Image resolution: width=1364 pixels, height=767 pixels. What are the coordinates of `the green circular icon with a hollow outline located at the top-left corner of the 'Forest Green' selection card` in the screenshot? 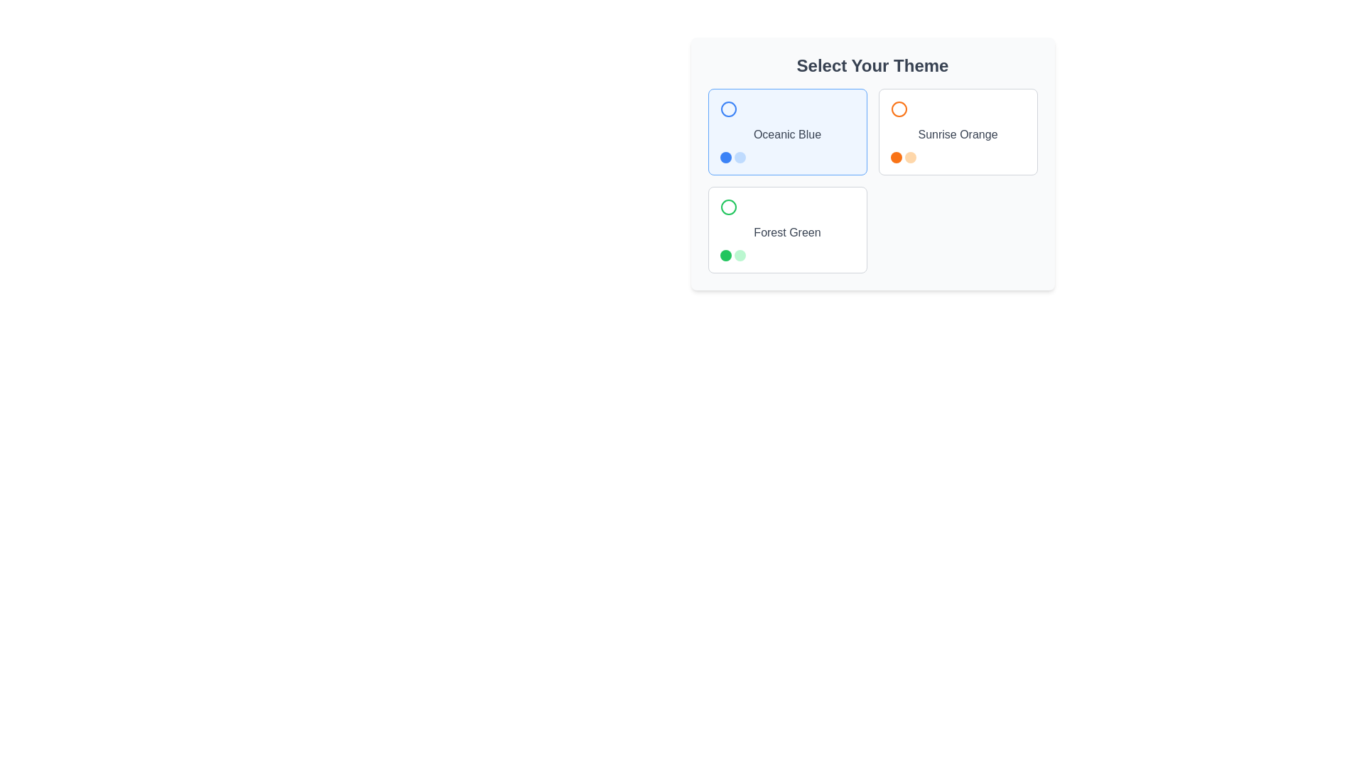 It's located at (728, 207).